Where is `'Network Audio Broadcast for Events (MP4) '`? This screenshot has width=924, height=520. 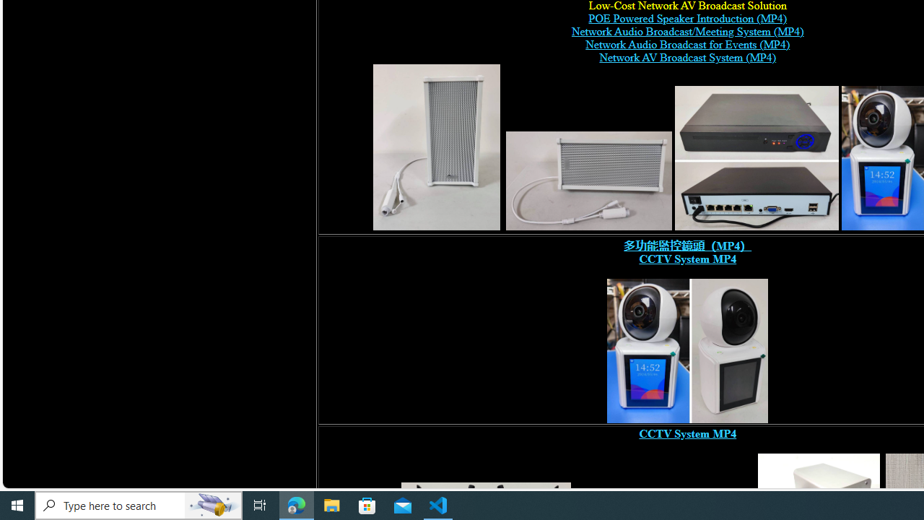 'Network Audio Broadcast for Events (MP4) ' is located at coordinates (687, 44).